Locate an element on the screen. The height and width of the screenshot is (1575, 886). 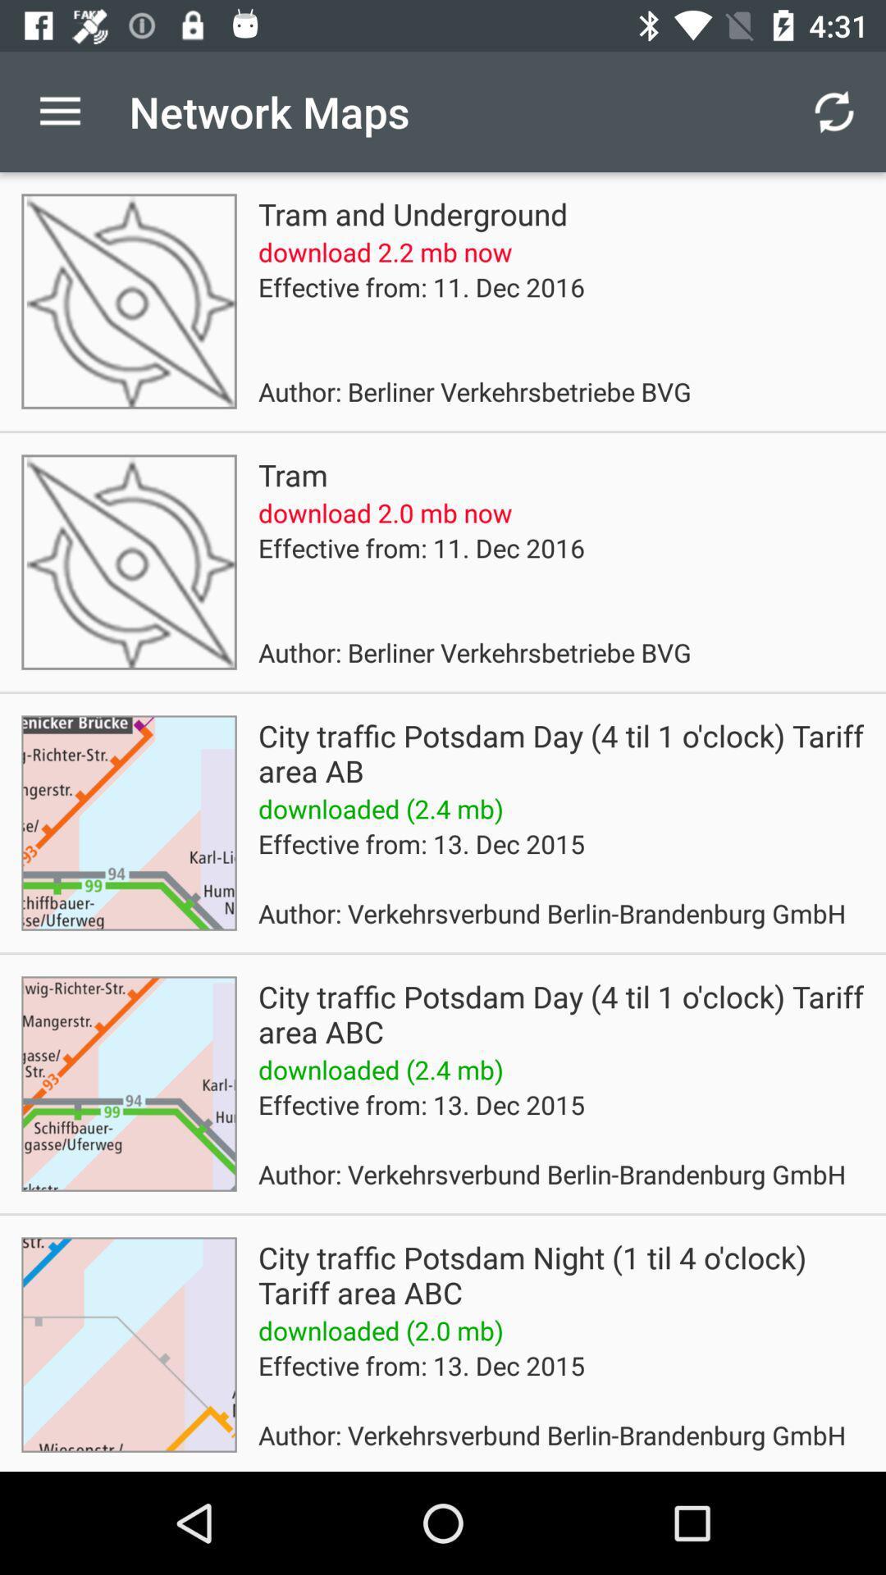
the app to the right of network maps is located at coordinates (834, 111).